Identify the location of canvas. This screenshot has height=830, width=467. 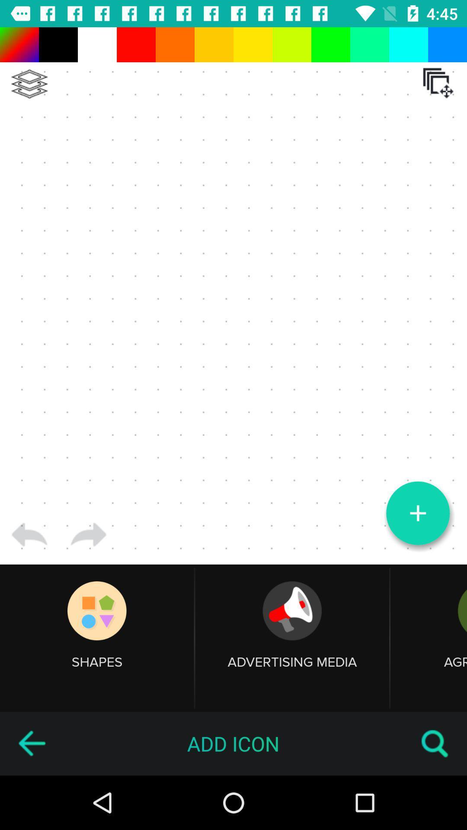
(233, 296).